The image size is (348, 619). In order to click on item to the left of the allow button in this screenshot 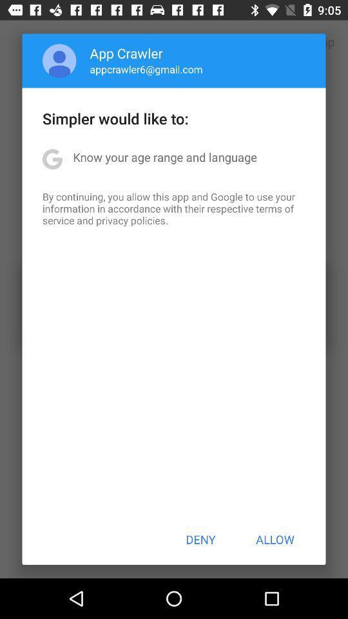, I will do `click(200, 539)`.